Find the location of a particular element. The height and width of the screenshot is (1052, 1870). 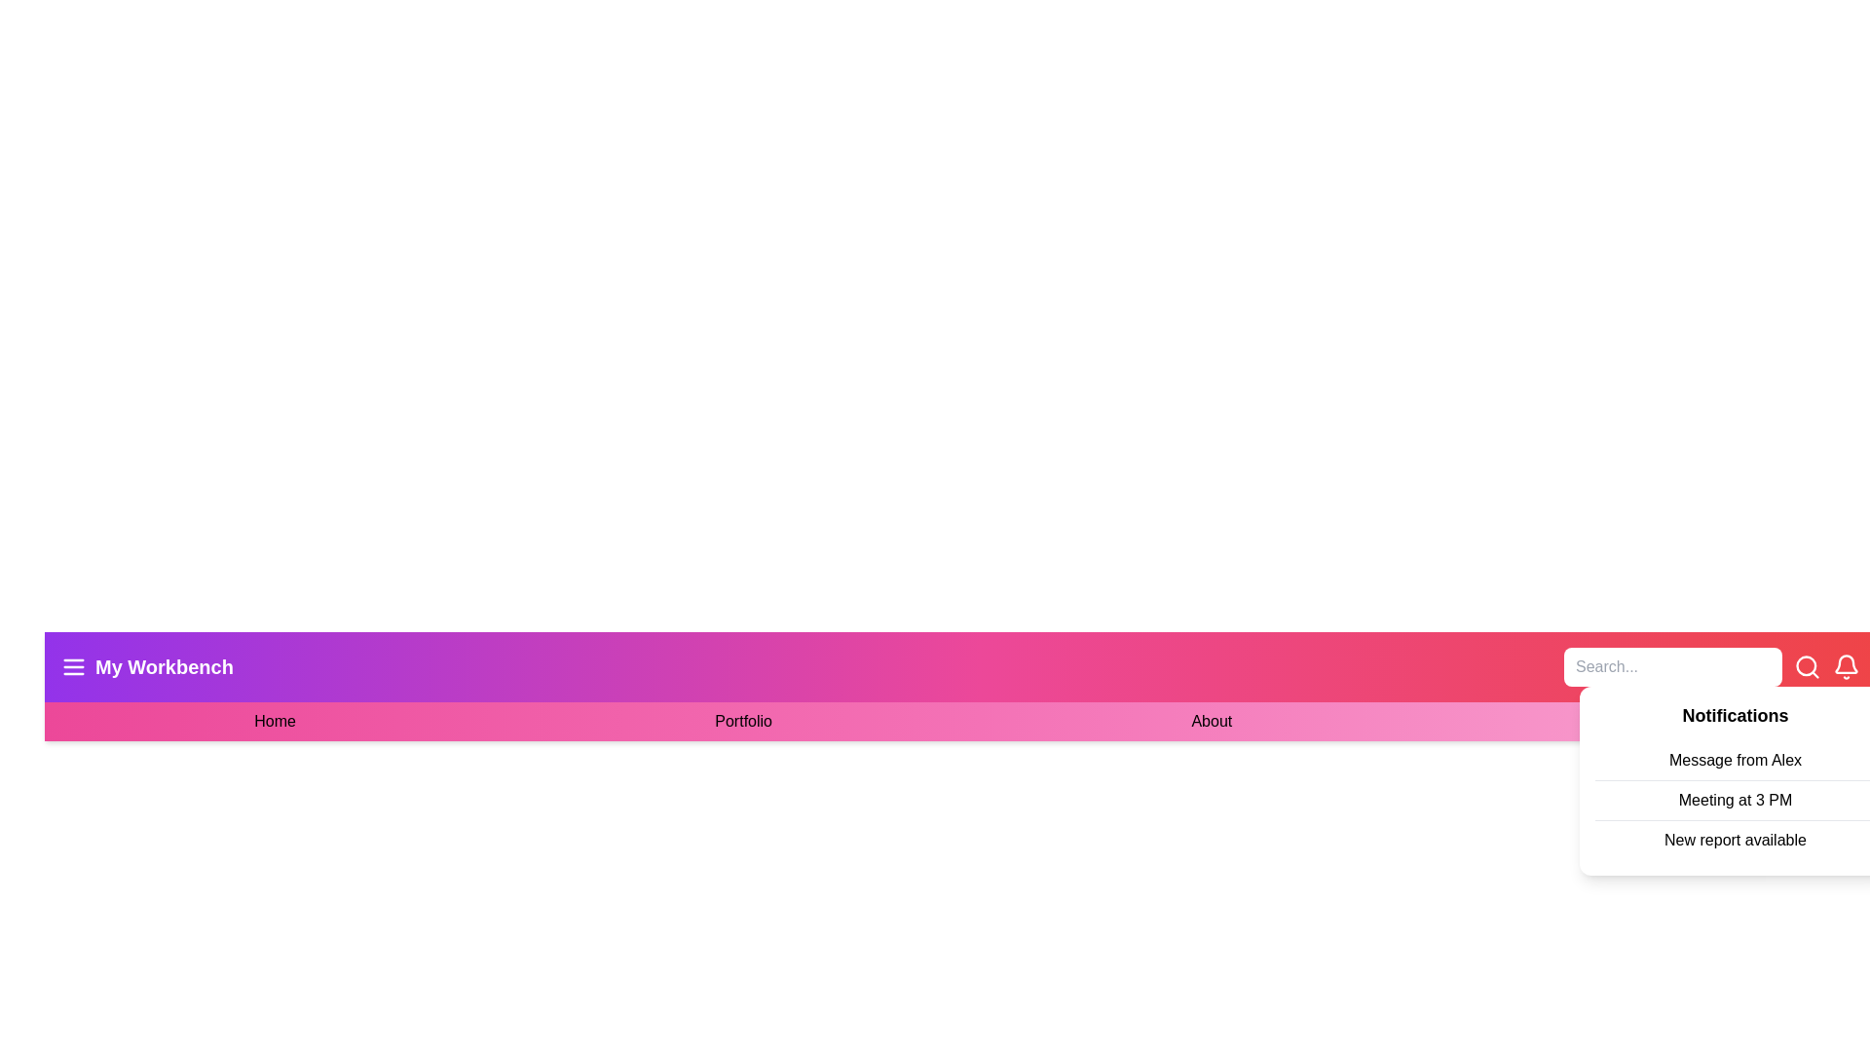

the 'About' text-based navigation link to underline the text, which is styled with a hover effect is located at coordinates (1211, 721).